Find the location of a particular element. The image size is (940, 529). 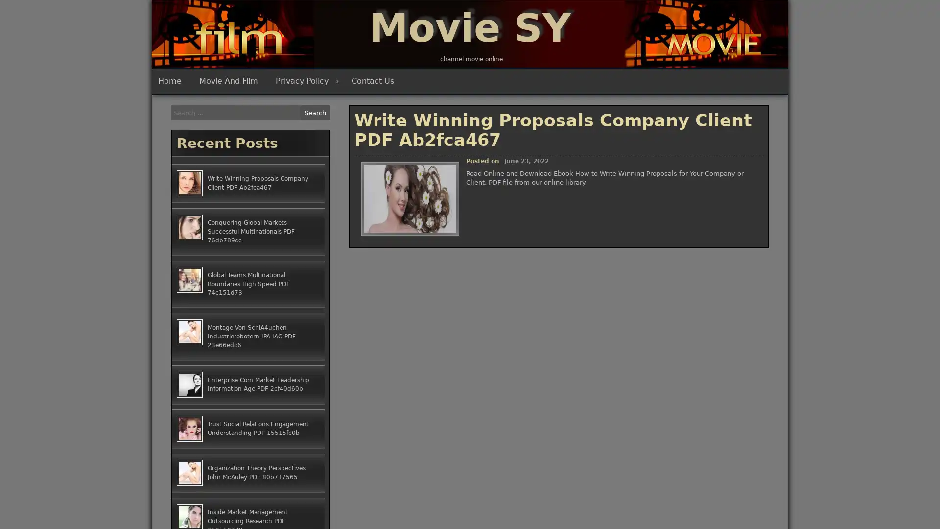

Search is located at coordinates (315, 112).